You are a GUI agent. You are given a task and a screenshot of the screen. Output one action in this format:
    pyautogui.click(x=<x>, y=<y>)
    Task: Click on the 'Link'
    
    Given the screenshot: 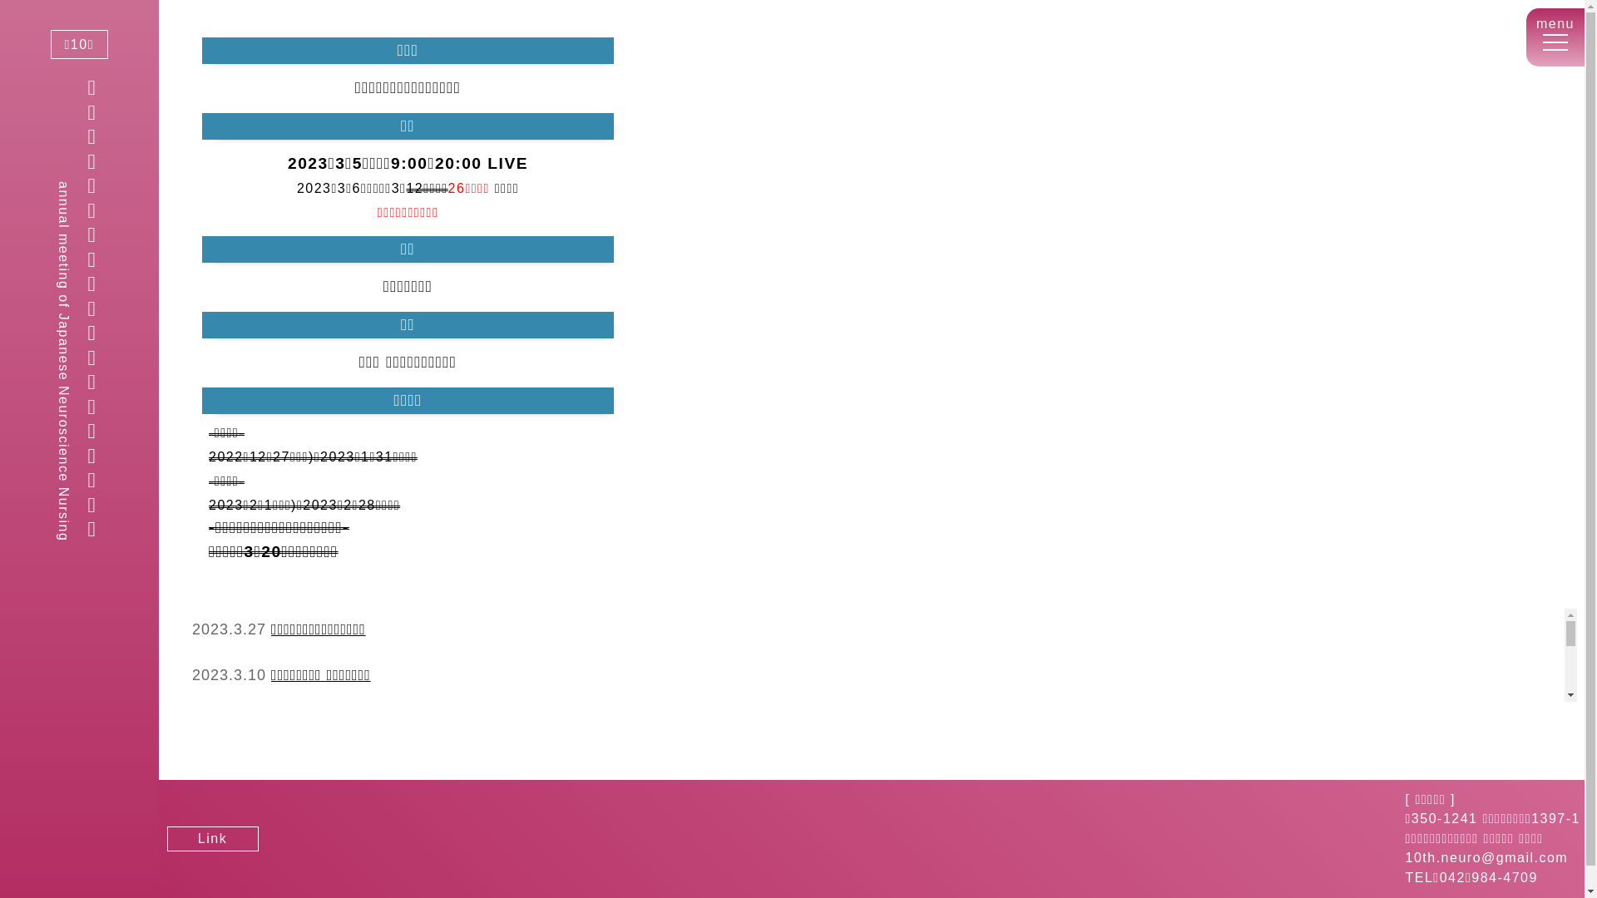 What is the action you would take?
    pyautogui.click(x=211, y=839)
    